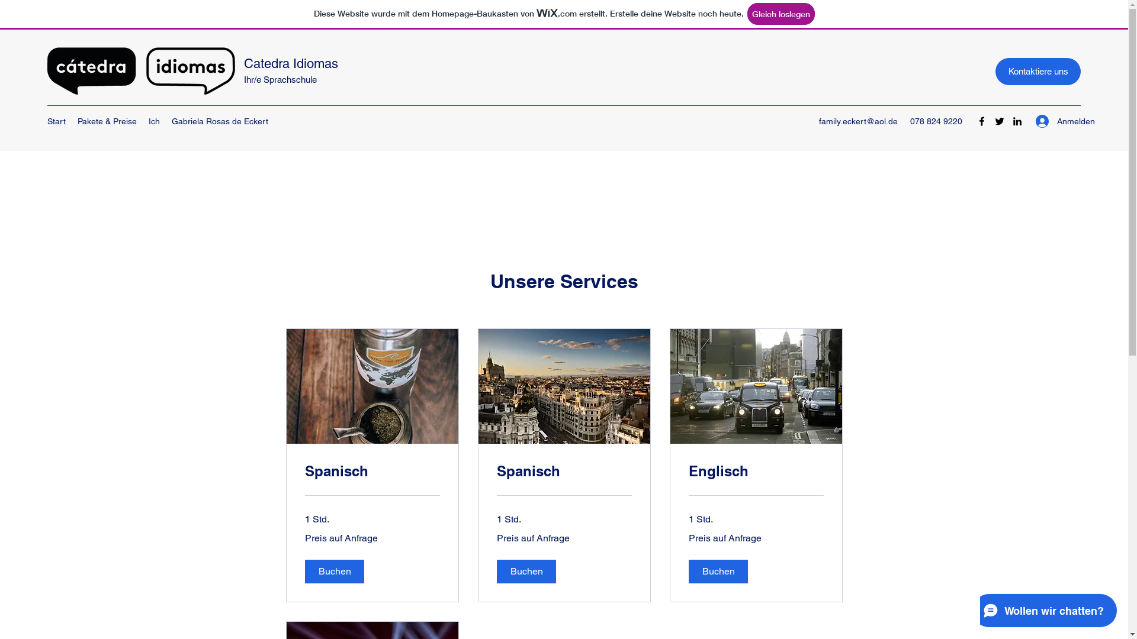 This screenshot has height=639, width=1137. Describe the element at coordinates (220, 121) in the screenshot. I see `'Gabriela Rosas de Eckert'` at that location.